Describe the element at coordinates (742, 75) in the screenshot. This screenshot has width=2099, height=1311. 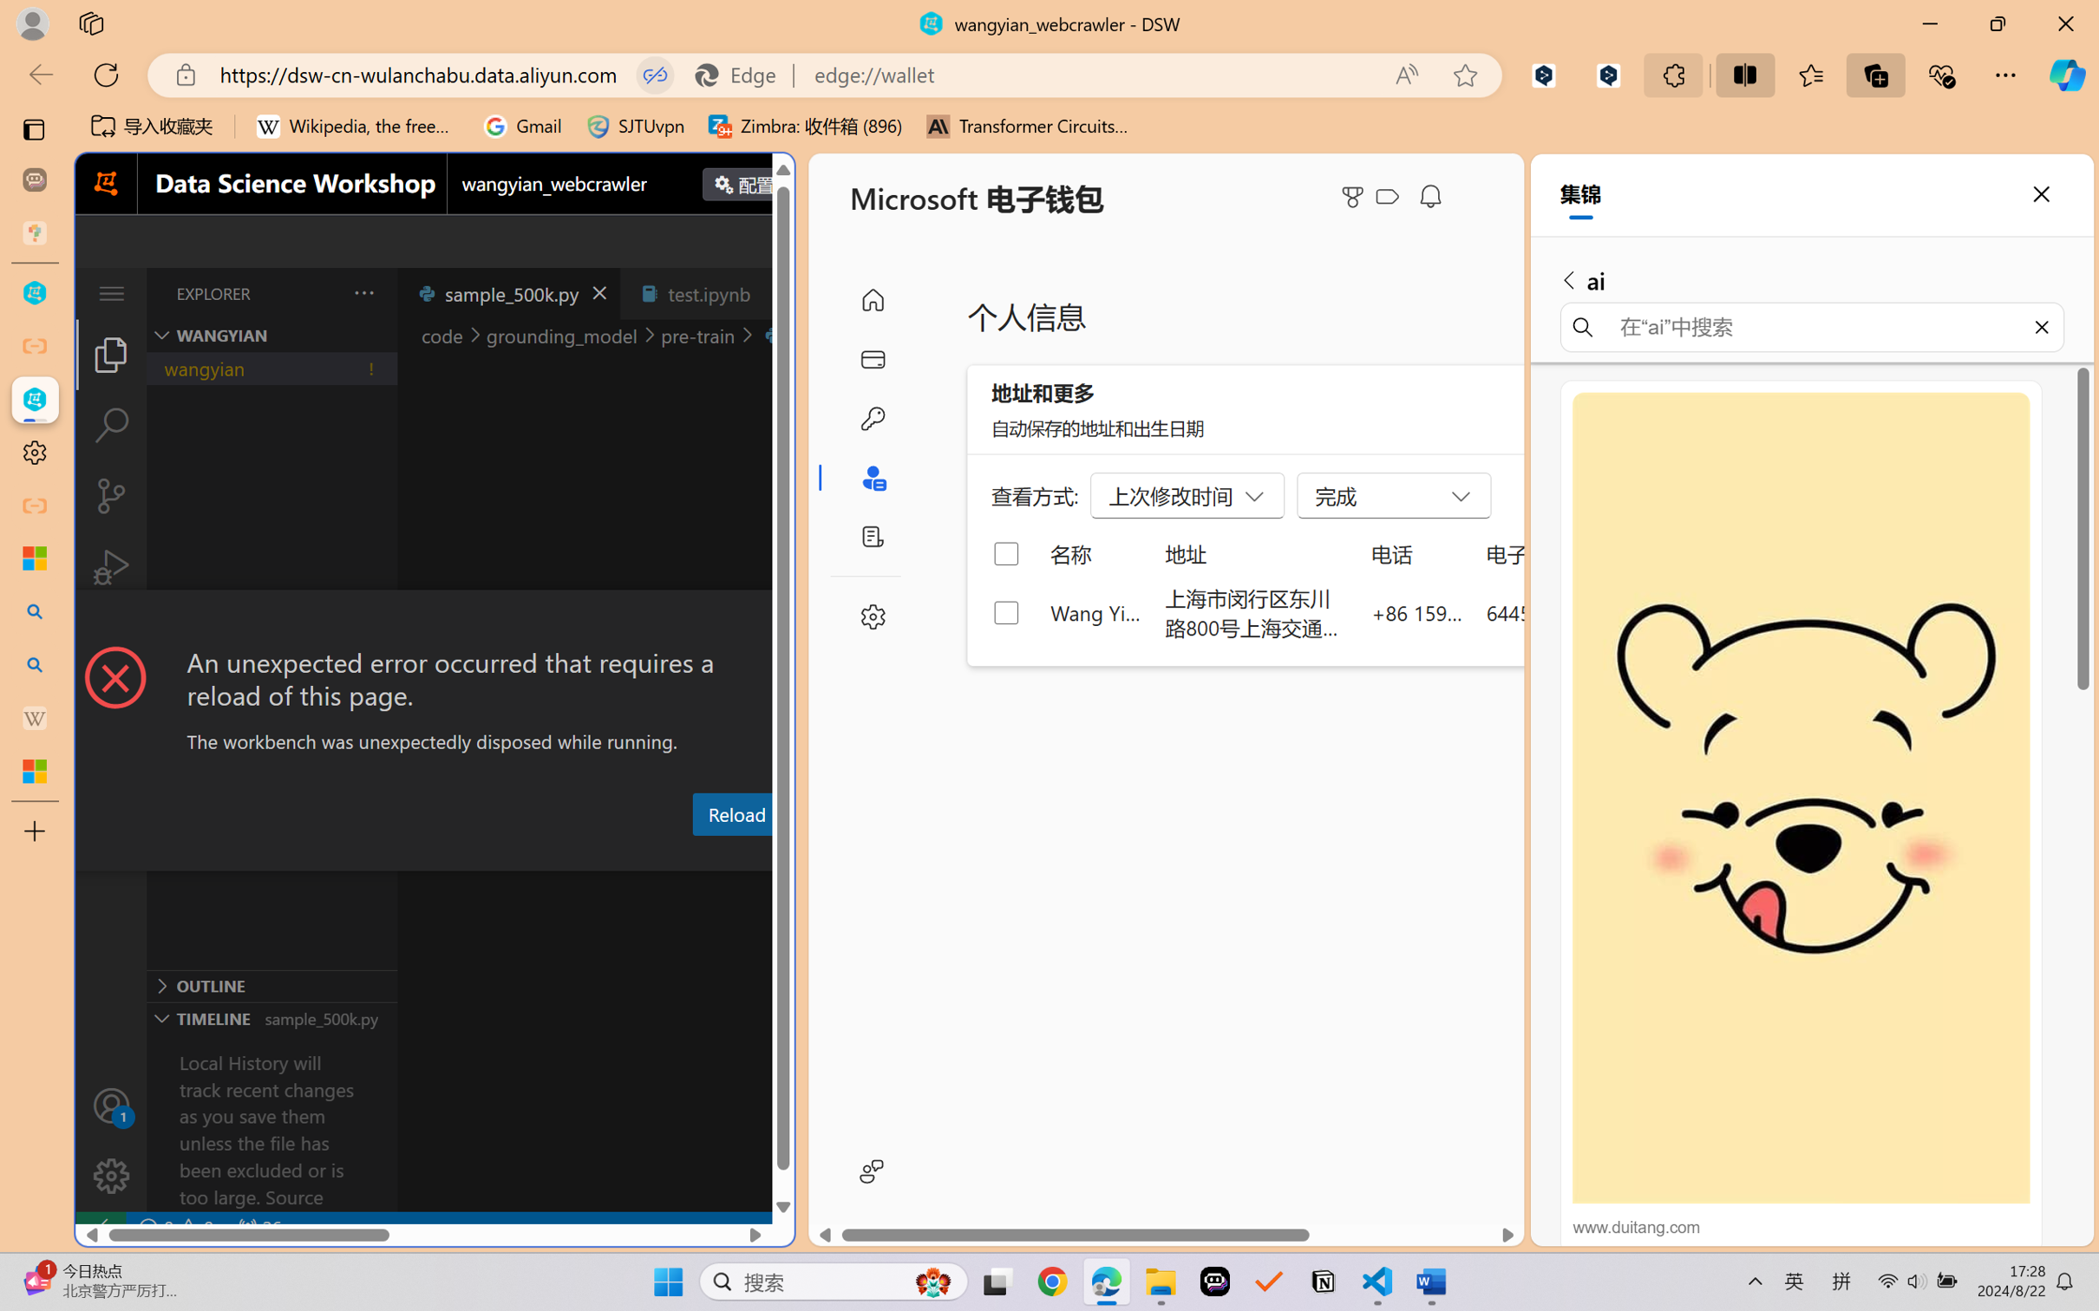
I see `'Edge'` at that location.